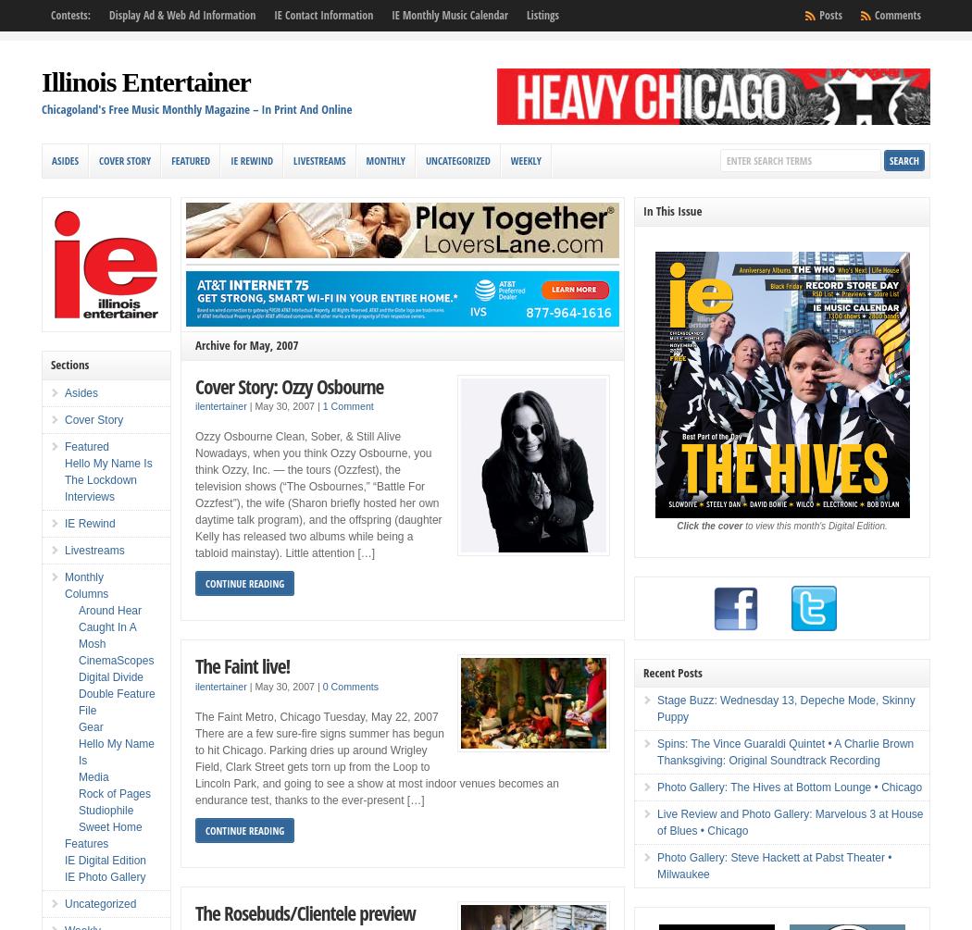 Image resolution: width=972 pixels, height=930 pixels. Describe the element at coordinates (642, 210) in the screenshot. I see `'In This Issue'` at that location.